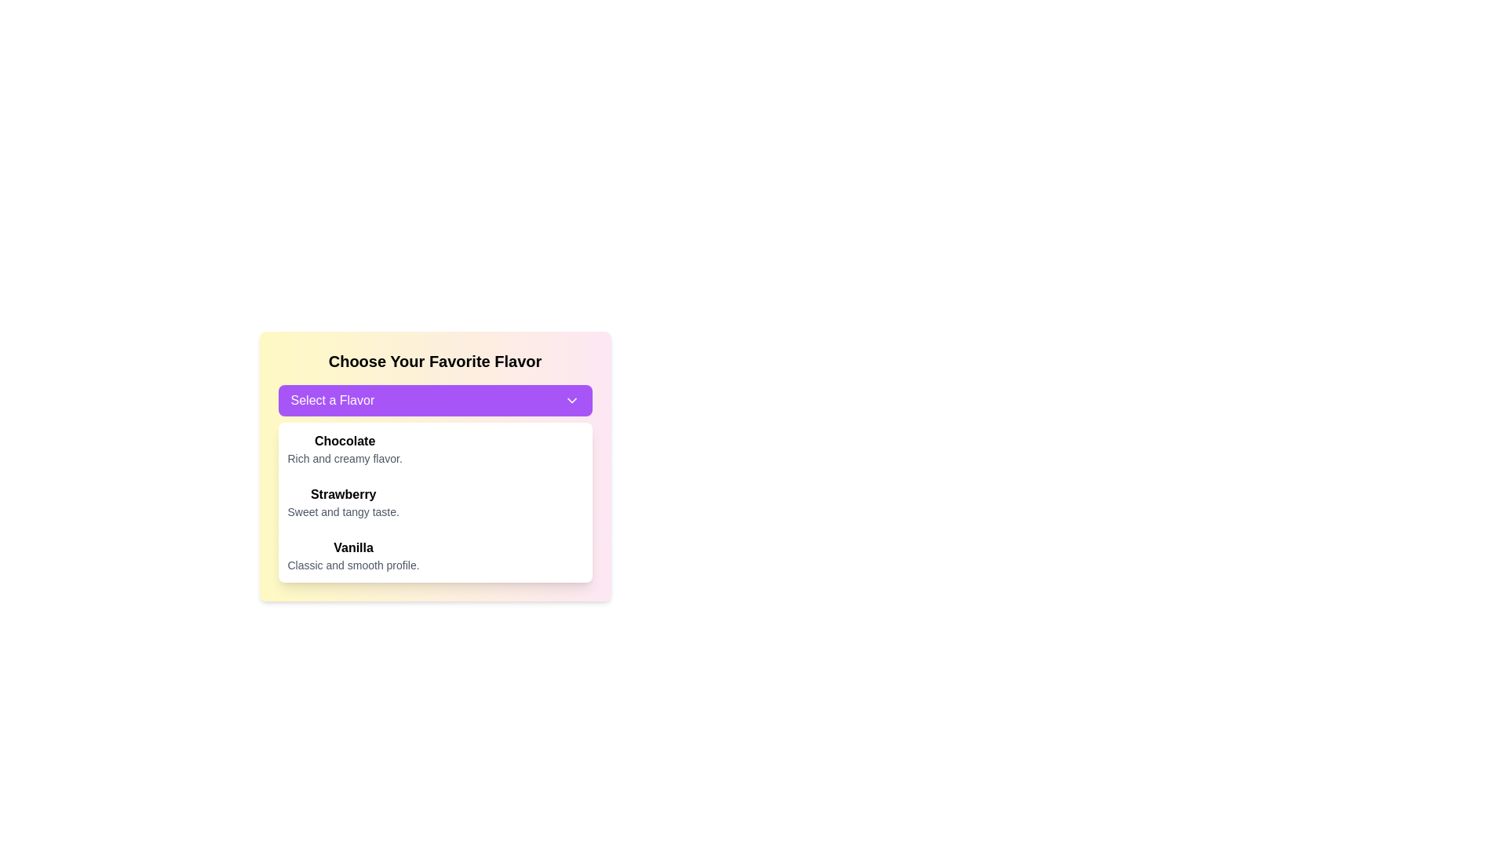 The image size is (1507, 847). I want to click on the flavor choice element labeled 'Strawberry' in the vertical list of flavors, so click(435, 502).